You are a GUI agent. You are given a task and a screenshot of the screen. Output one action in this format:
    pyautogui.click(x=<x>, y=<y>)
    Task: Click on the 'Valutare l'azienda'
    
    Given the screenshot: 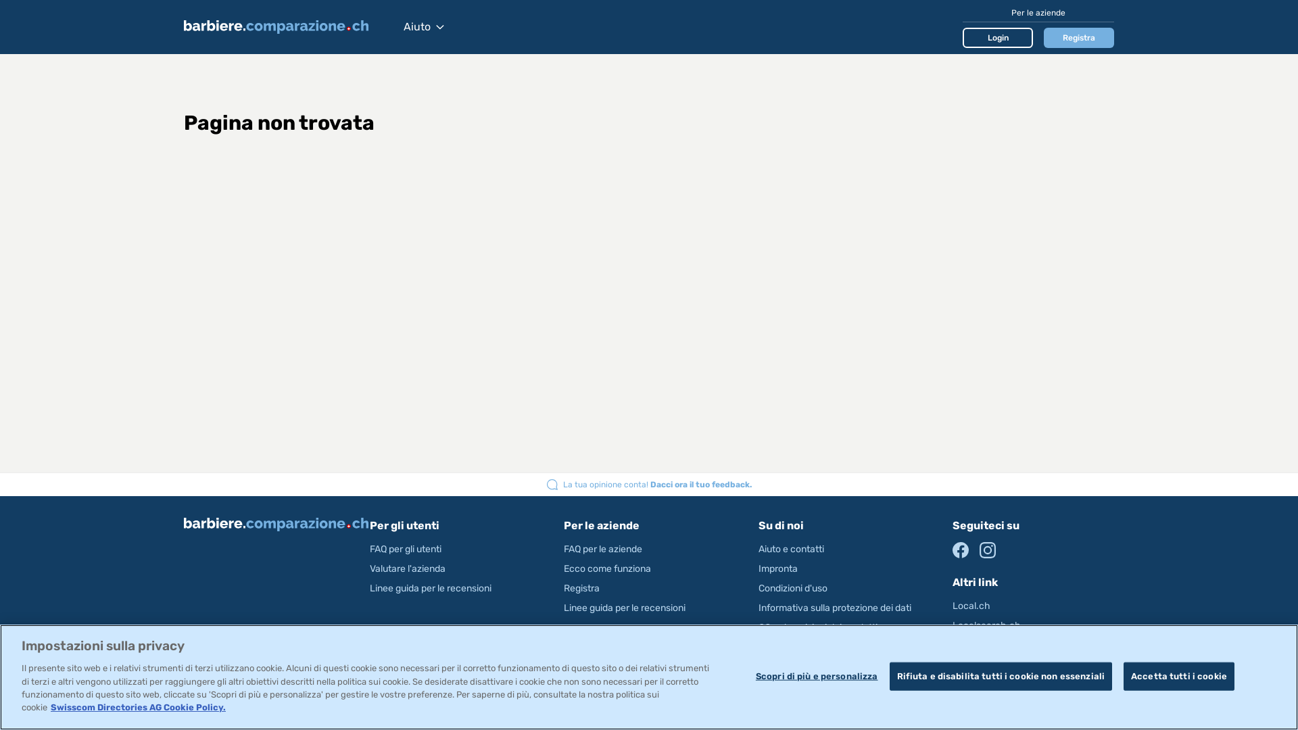 What is the action you would take?
    pyautogui.click(x=407, y=568)
    